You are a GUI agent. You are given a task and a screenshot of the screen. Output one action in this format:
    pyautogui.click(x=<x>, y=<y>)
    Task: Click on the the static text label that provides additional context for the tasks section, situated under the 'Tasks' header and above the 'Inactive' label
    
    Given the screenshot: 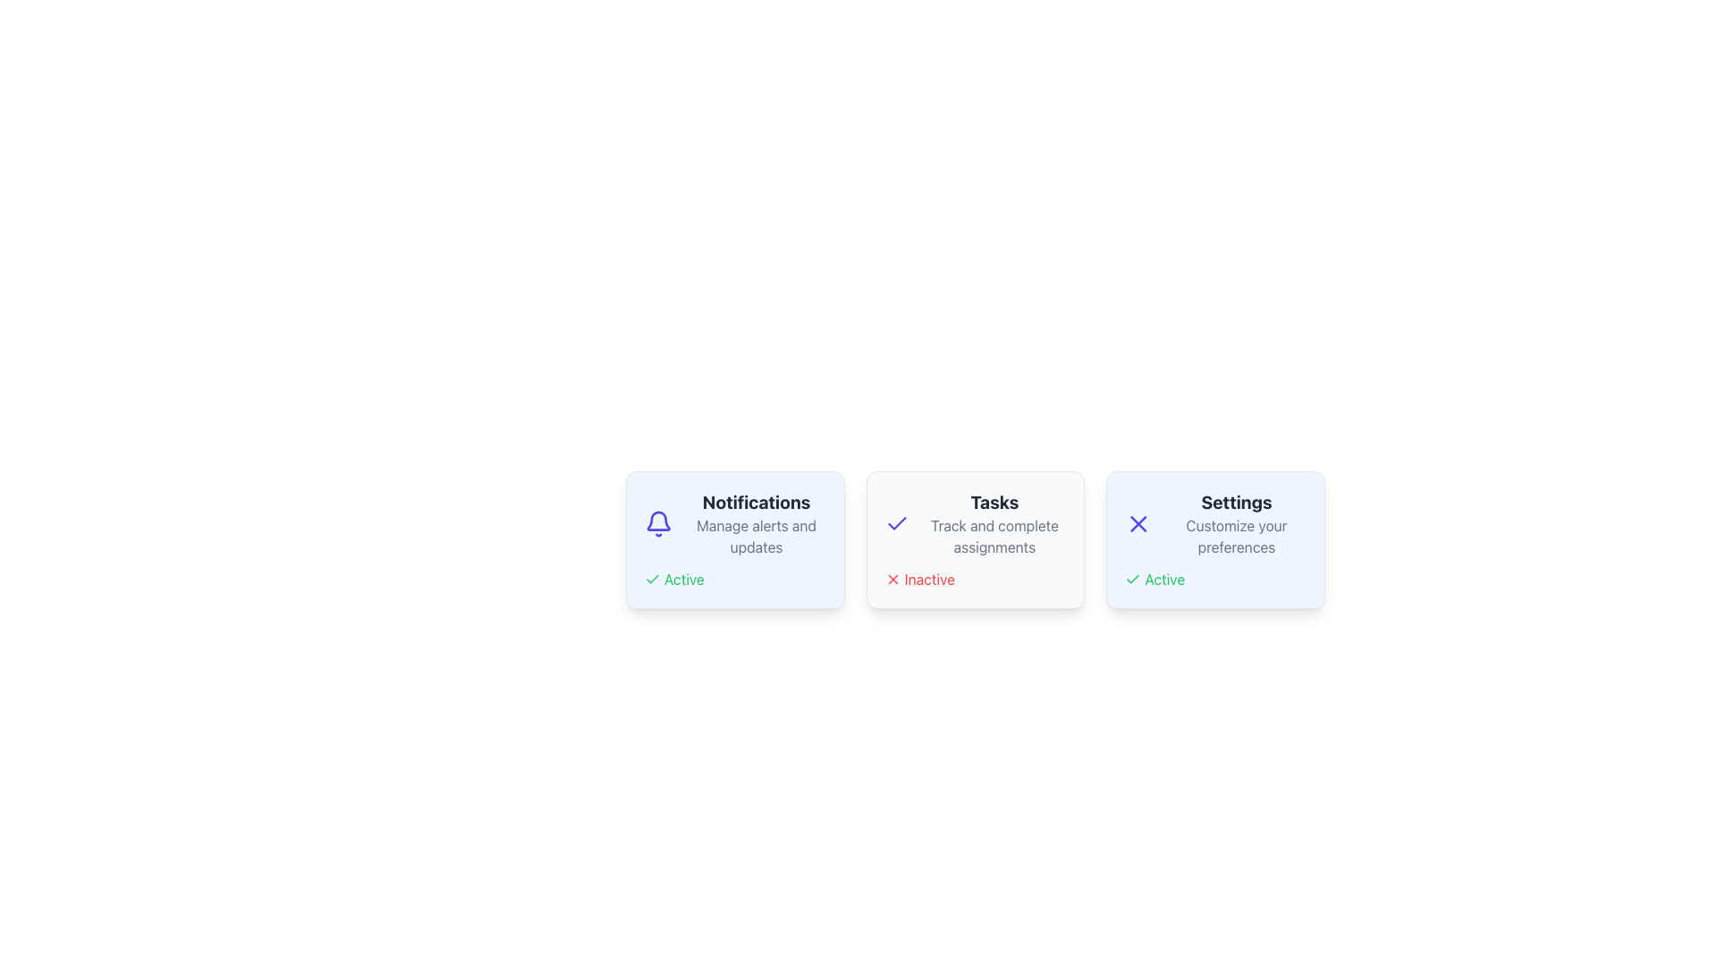 What is the action you would take?
    pyautogui.click(x=994, y=536)
    